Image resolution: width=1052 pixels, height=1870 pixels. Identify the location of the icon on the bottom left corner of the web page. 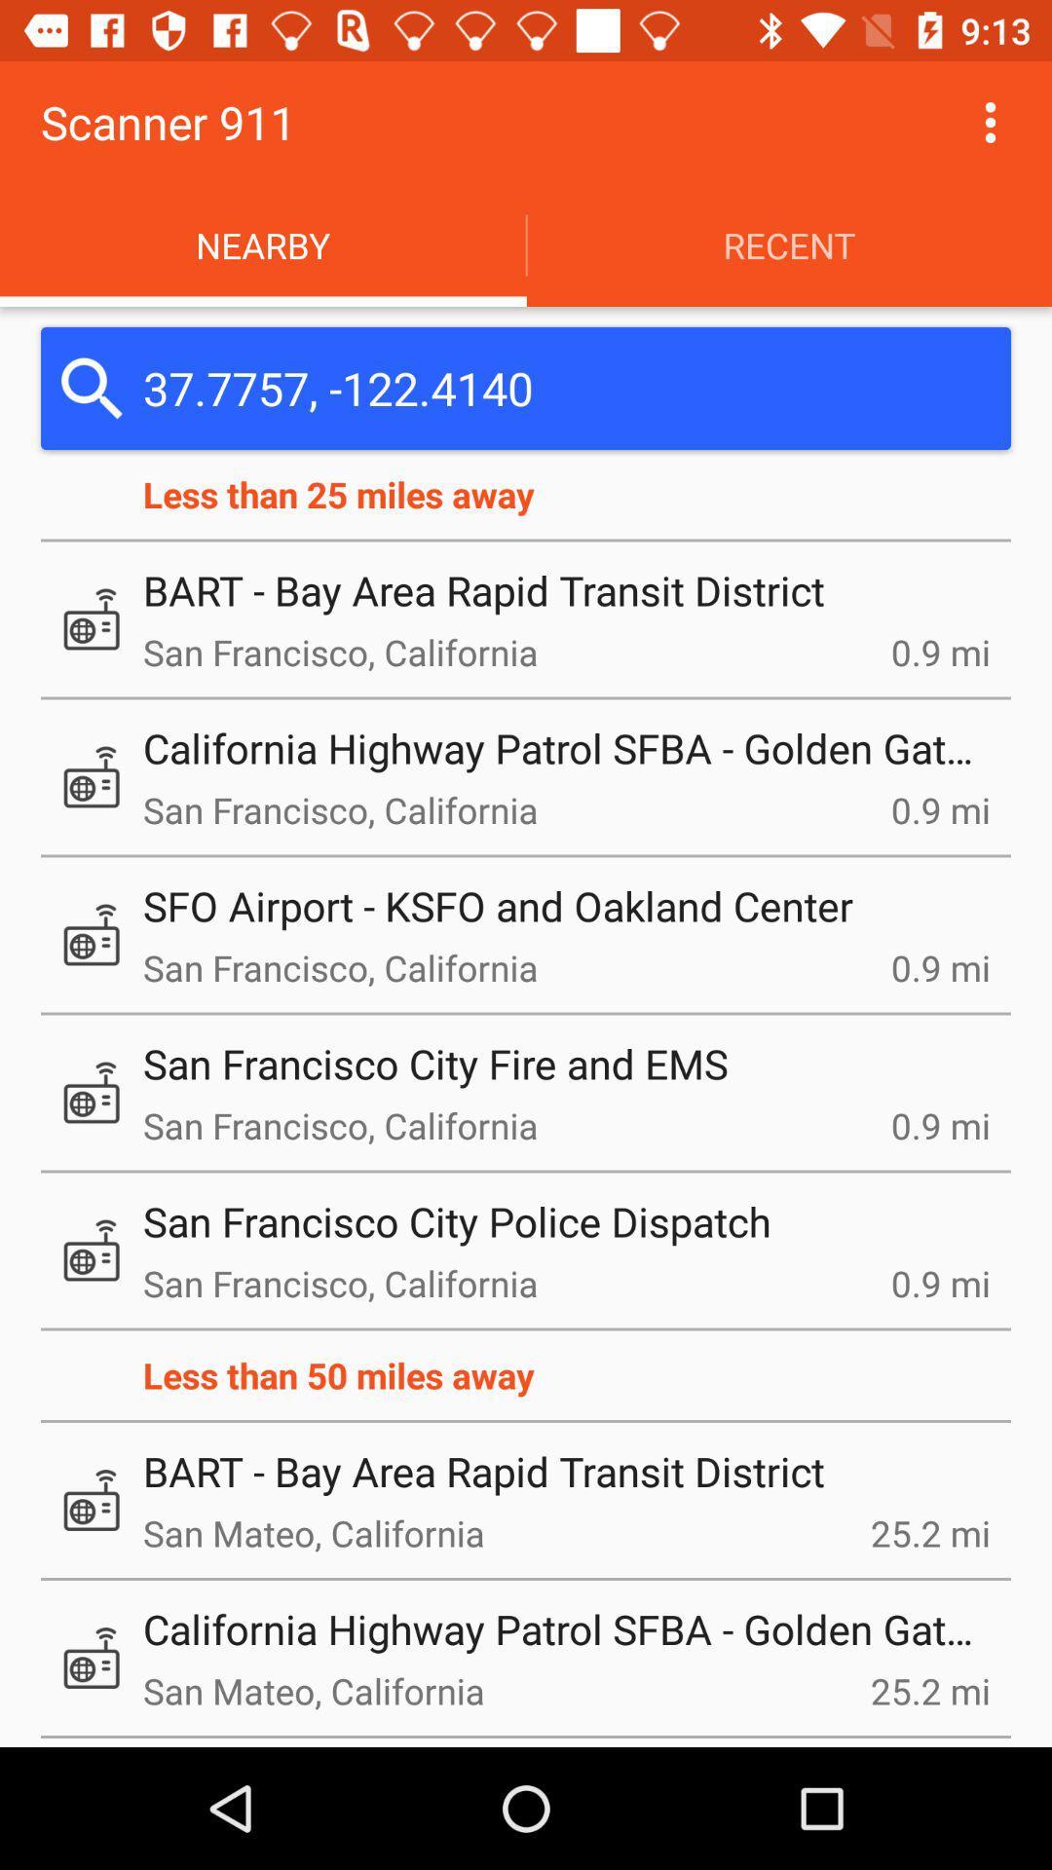
(92, 1657).